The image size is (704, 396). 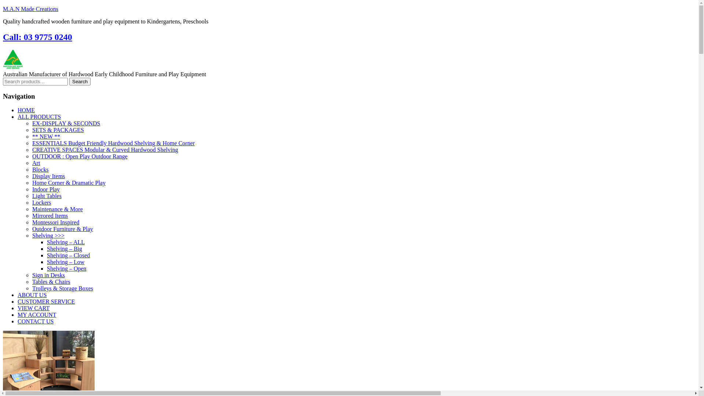 What do you see at coordinates (48, 176) in the screenshot?
I see `'Display Items'` at bounding box center [48, 176].